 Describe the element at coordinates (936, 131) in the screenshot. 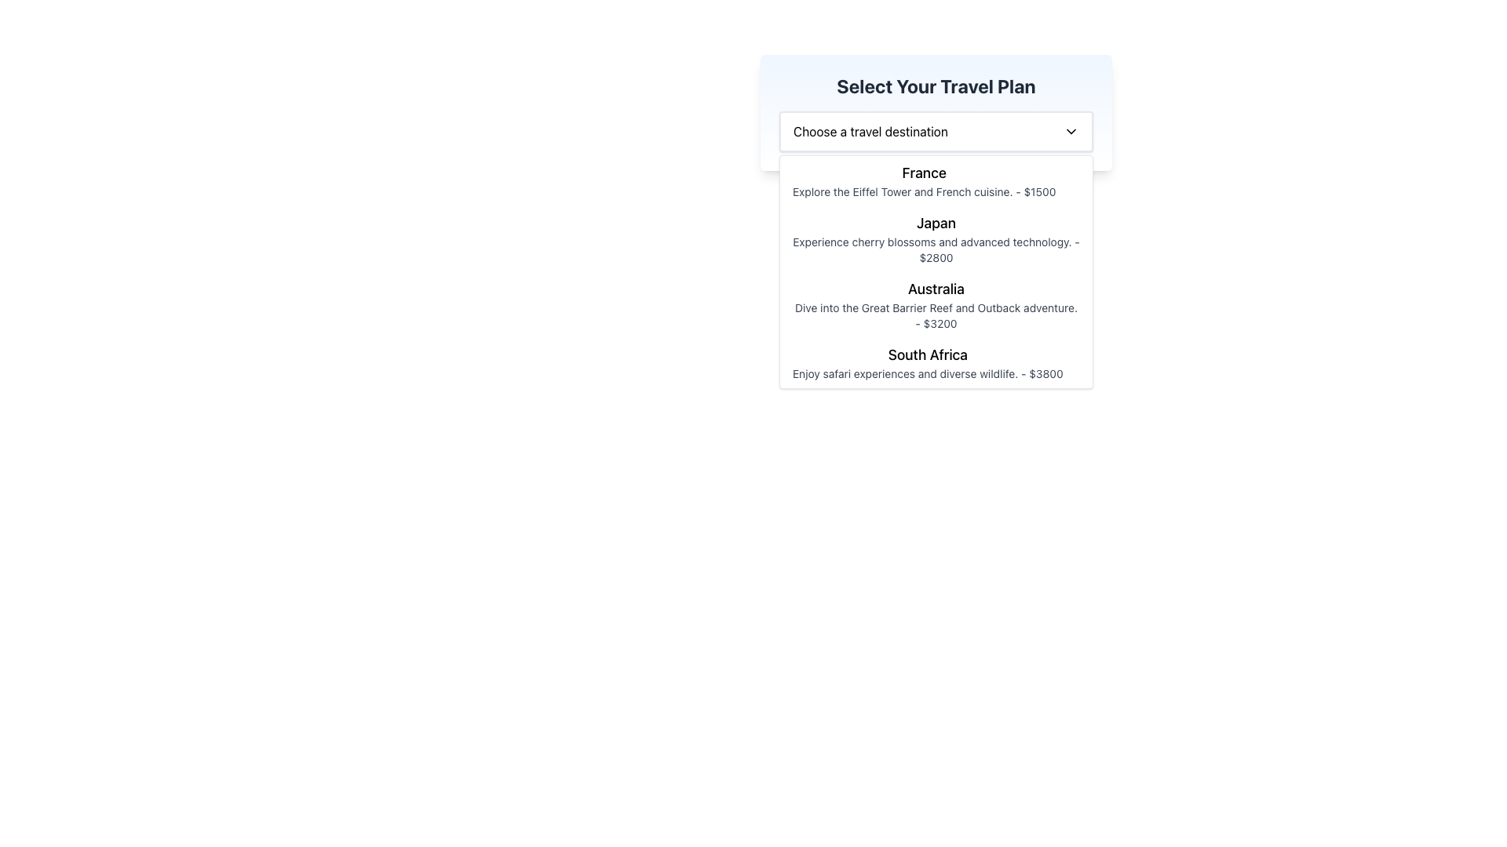

I see `the Dropdown menu located under the 'Select Your Travel Plan' heading` at that location.